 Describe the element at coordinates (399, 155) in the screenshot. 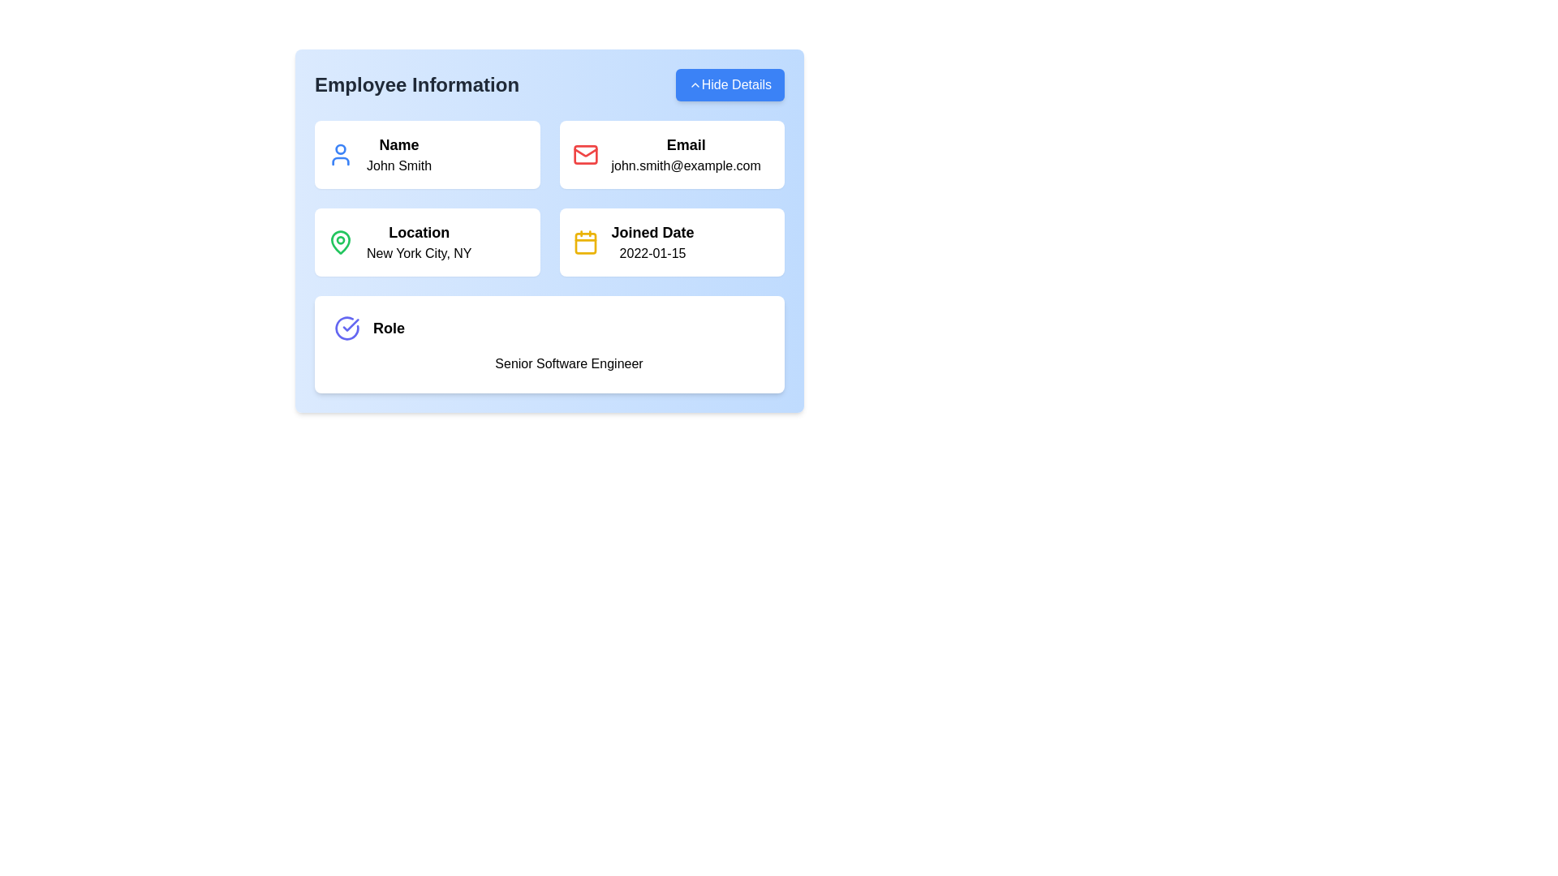

I see `the bold 'Name' text display component that shows 'John Smith' in the upper left quadrant of the 'Employee Information' card` at that location.